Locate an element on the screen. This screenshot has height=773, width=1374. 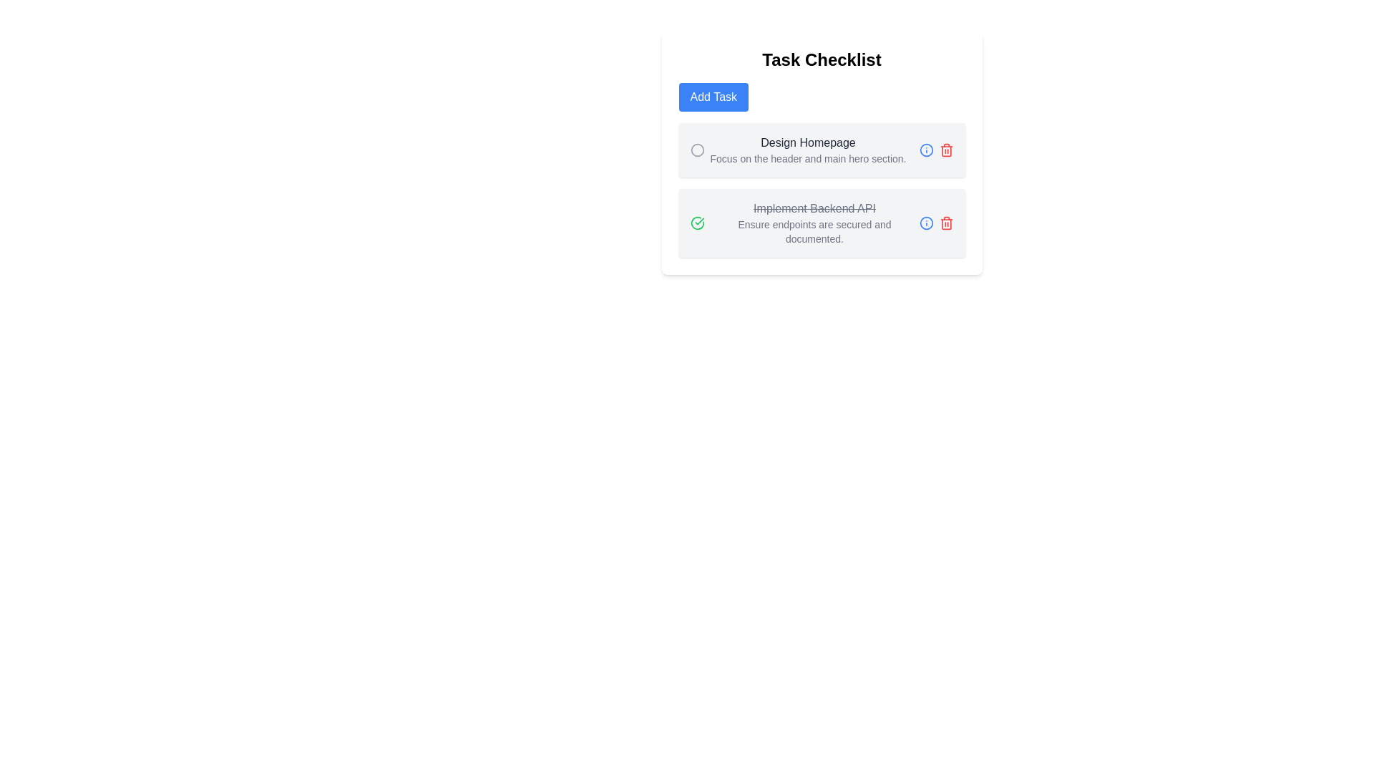
the static text providing context for the task 'Implement Backend API' located below the corresponding task title in the 'Task Checklist' section is located at coordinates (814, 231).